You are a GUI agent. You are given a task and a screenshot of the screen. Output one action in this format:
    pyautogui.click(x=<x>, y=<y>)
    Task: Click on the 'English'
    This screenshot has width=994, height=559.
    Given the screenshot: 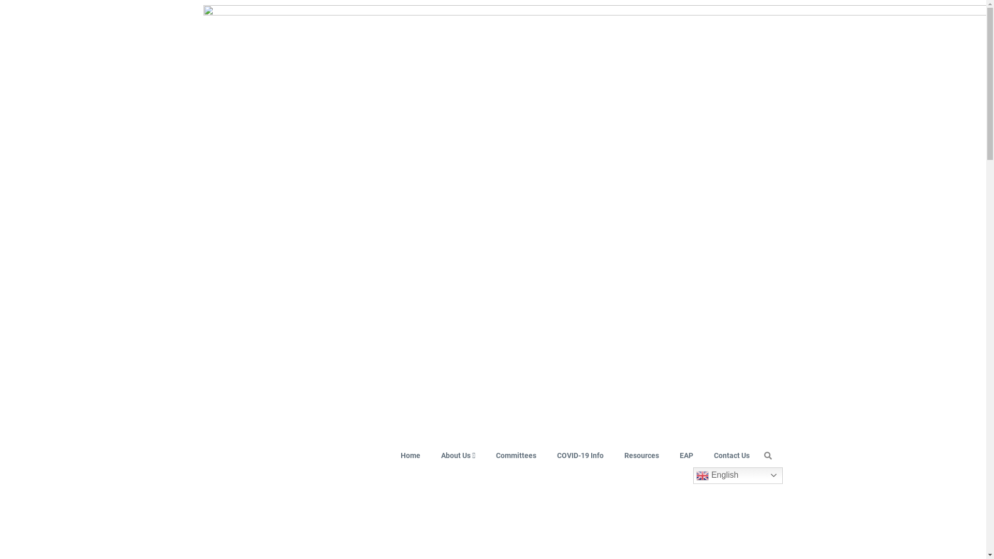 What is the action you would take?
    pyautogui.click(x=737, y=475)
    